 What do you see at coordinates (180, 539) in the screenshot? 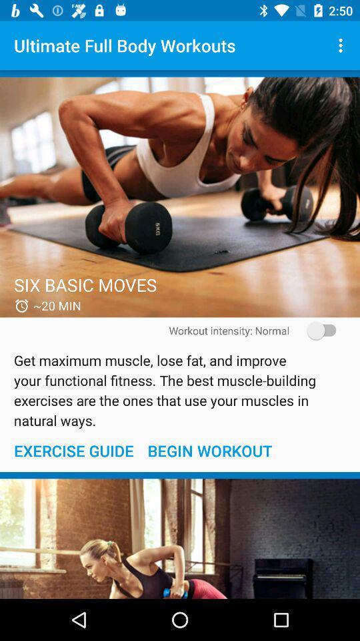
I see `begin work out` at bounding box center [180, 539].